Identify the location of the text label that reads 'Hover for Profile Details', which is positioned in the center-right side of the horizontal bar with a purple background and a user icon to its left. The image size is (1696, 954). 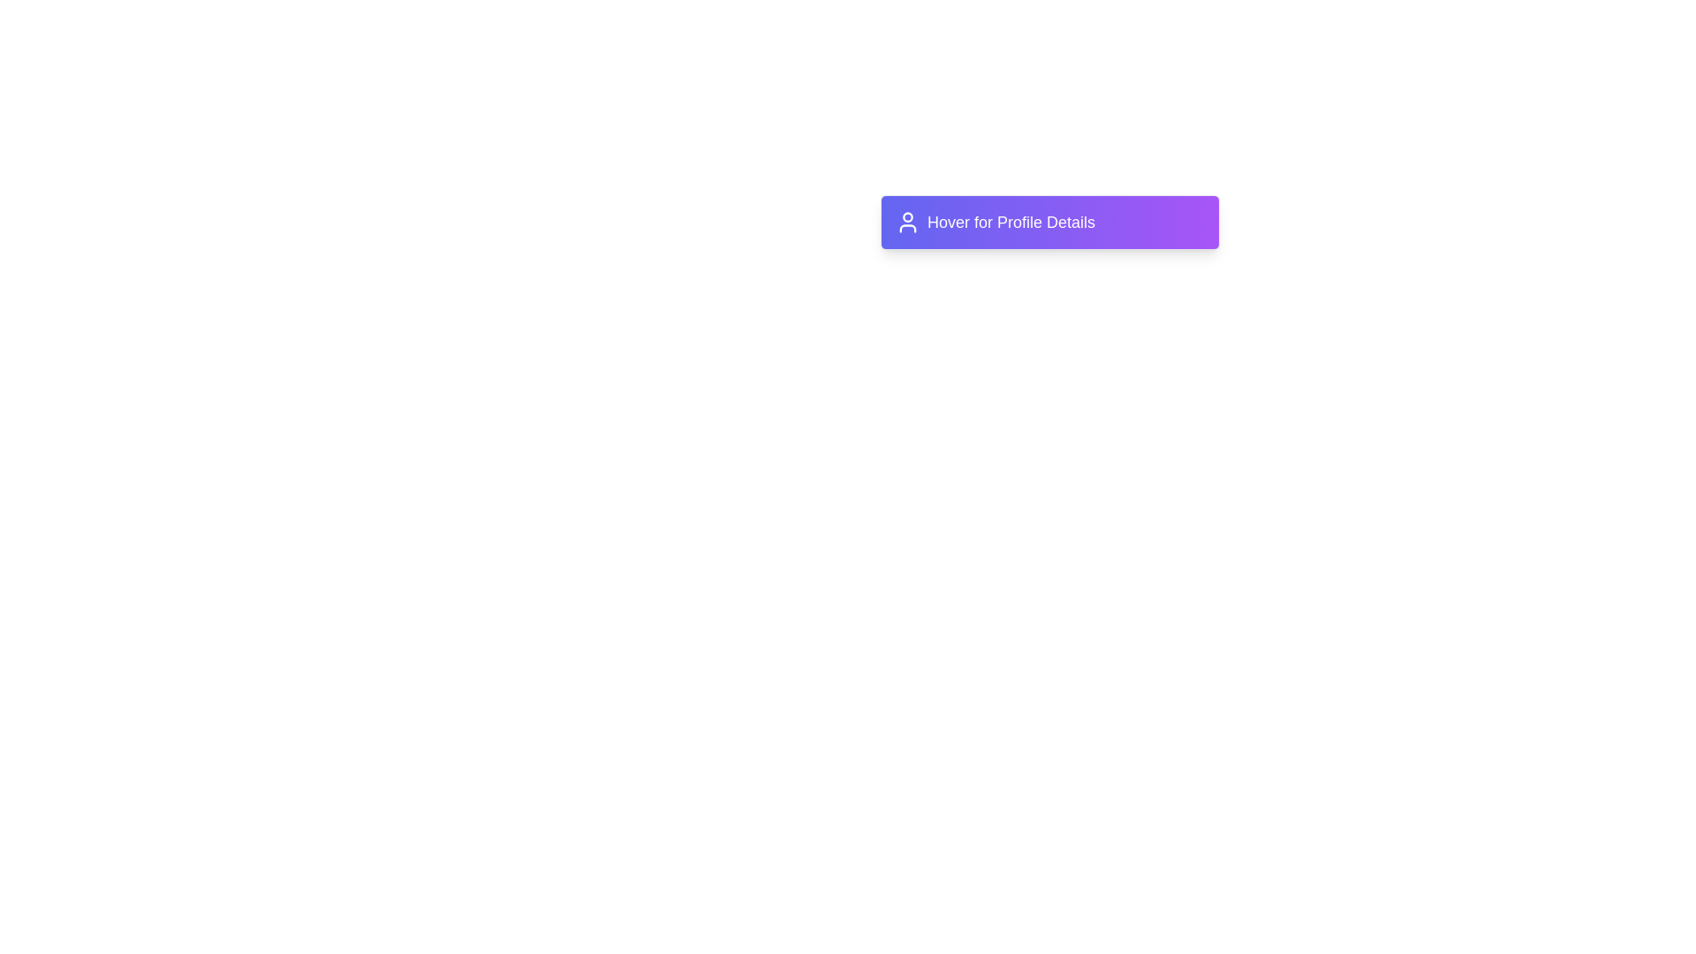
(1011, 221).